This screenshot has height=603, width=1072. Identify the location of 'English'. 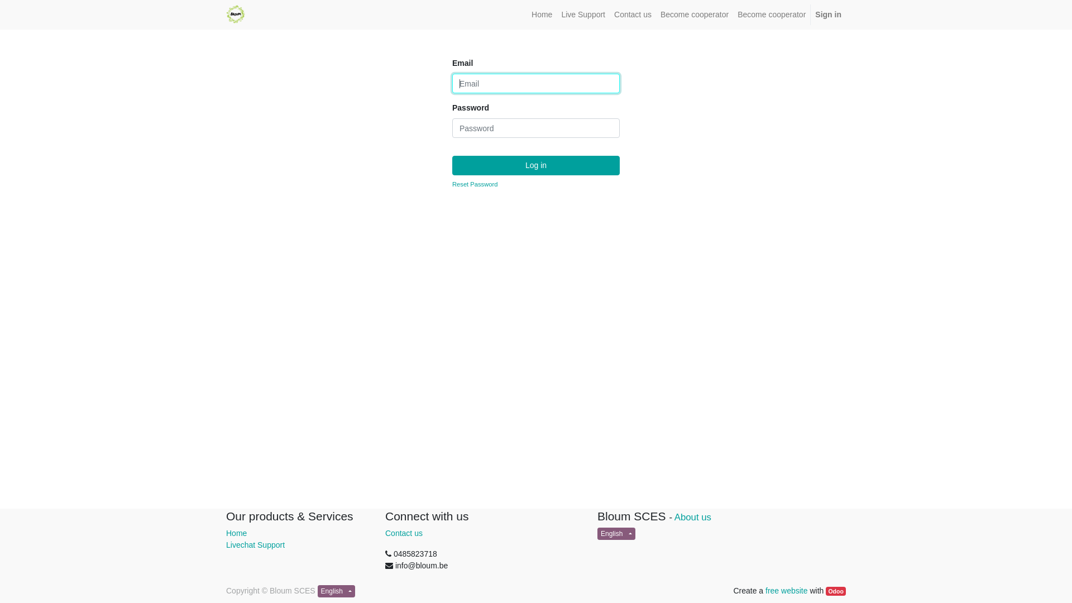
(336, 591).